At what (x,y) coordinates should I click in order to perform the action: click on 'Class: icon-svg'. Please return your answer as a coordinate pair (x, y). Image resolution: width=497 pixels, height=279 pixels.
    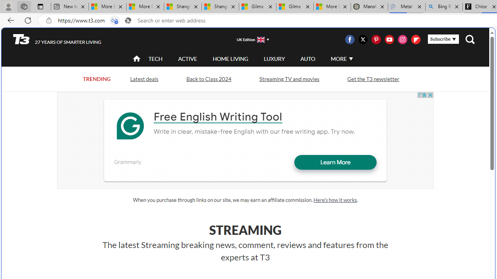
    Looking at the image, I should click on (415, 39).